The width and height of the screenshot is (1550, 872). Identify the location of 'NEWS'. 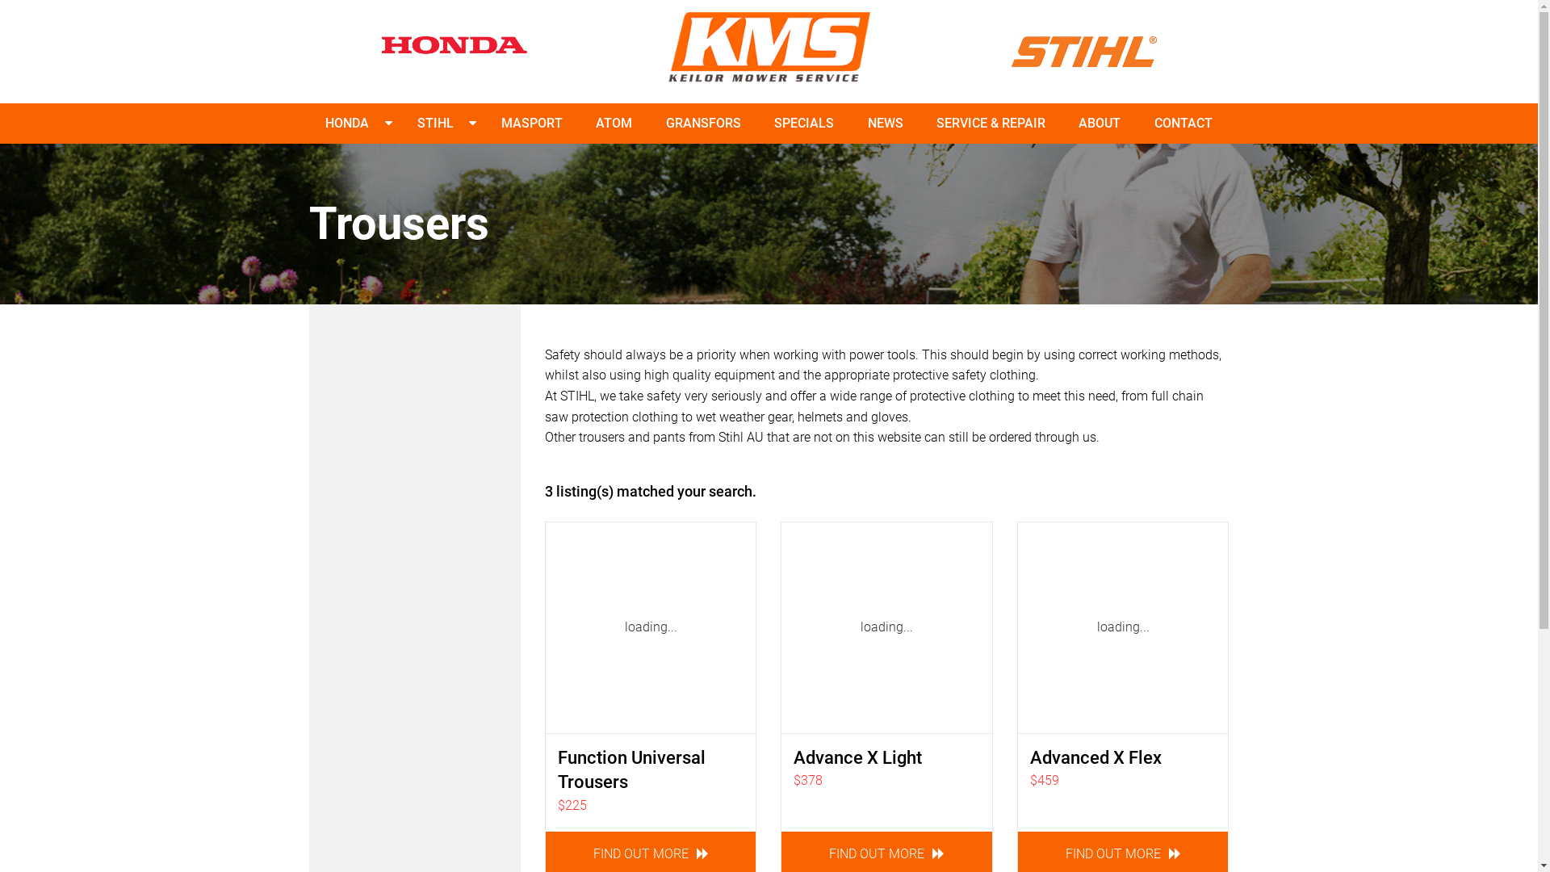
(885, 123).